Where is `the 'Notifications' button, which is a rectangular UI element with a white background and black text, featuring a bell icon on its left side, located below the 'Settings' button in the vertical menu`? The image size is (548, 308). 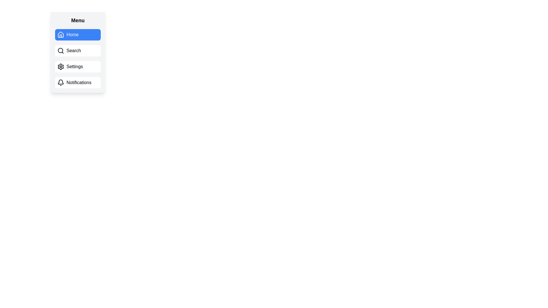
the 'Notifications' button, which is a rectangular UI element with a white background and black text, featuring a bell icon on its left side, located below the 'Settings' button in the vertical menu is located at coordinates (78, 82).